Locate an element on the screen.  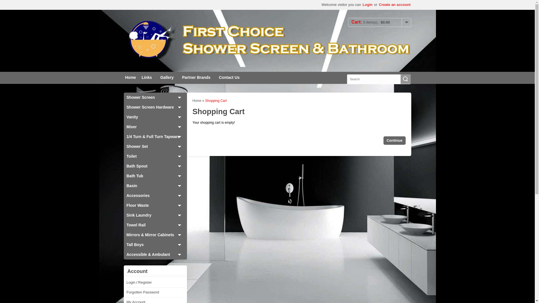
'Tall Boys' is located at coordinates (155, 244).